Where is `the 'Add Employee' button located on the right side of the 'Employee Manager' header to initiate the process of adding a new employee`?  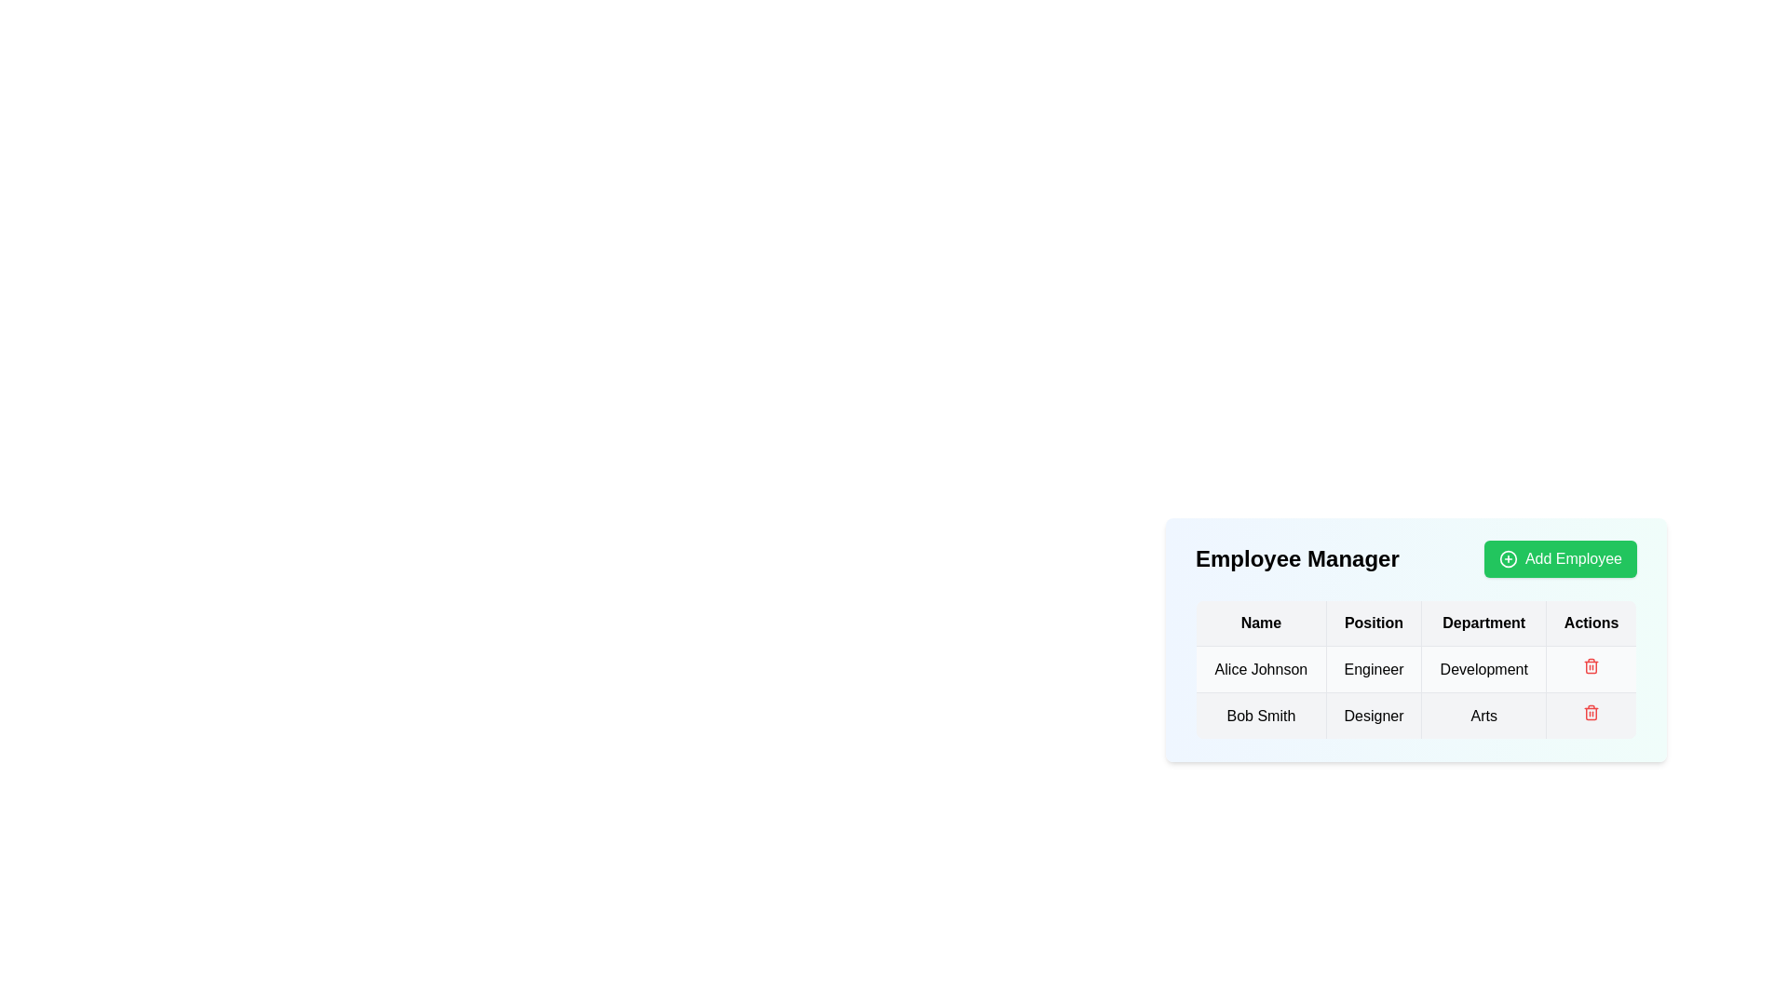 the 'Add Employee' button located on the right side of the 'Employee Manager' header to initiate the process of adding a new employee is located at coordinates (1560, 558).